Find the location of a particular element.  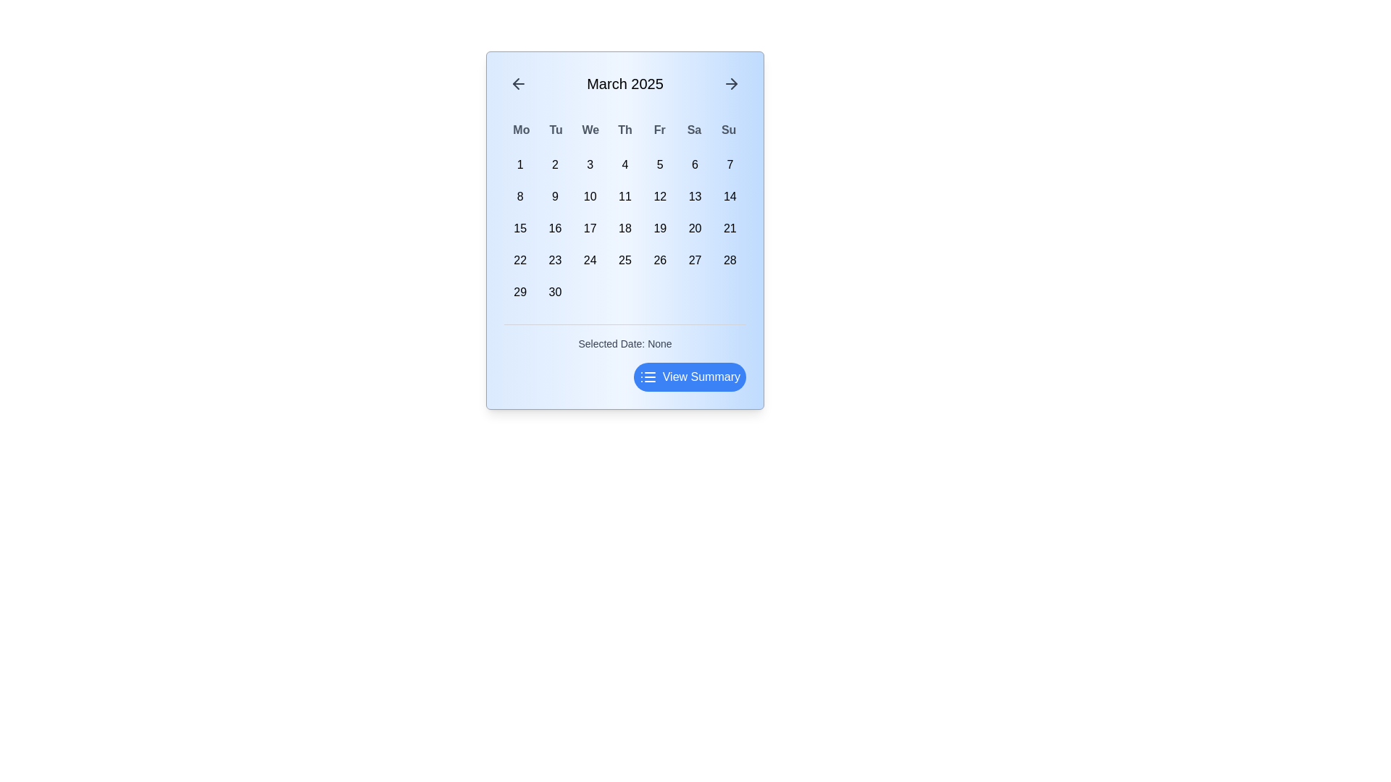

the rounded button labeled '26' in the calendar grid is located at coordinates (659, 259).